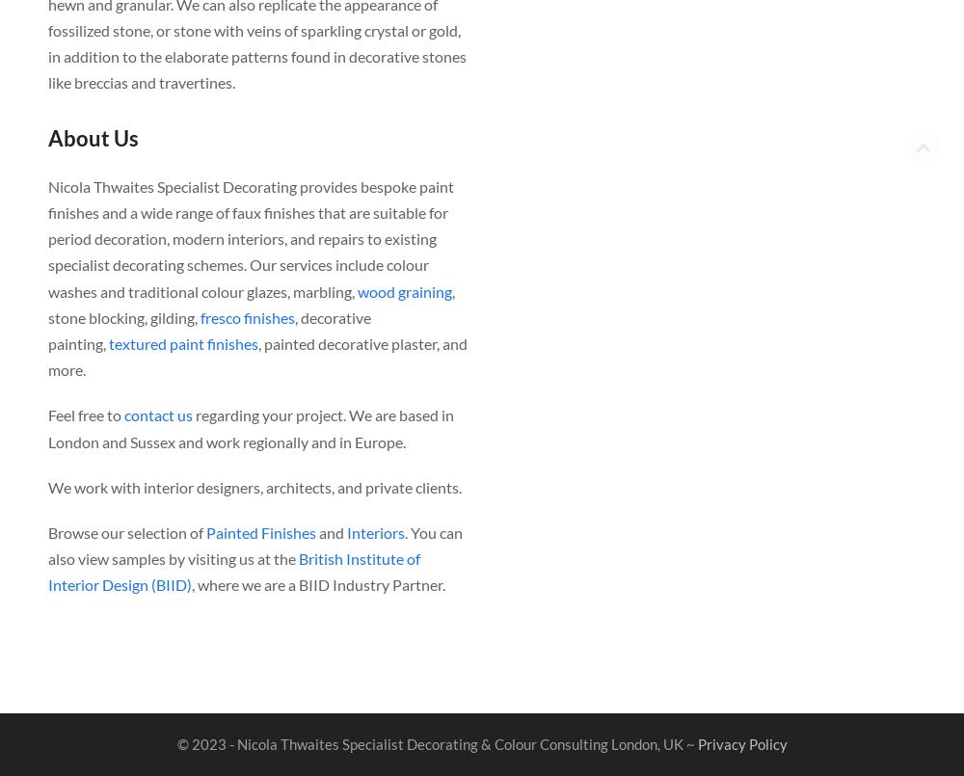 This screenshot has width=964, height=776. What do you see at coordinates (158, 414) in the screenshot?
I see `'contact us'` at bounding box center [158, 414].